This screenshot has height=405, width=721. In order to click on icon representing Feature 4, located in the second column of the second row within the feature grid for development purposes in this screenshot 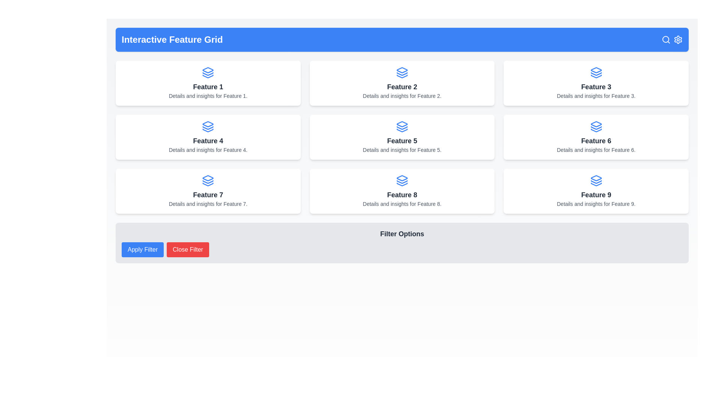, I will do `click(208, 124)`.